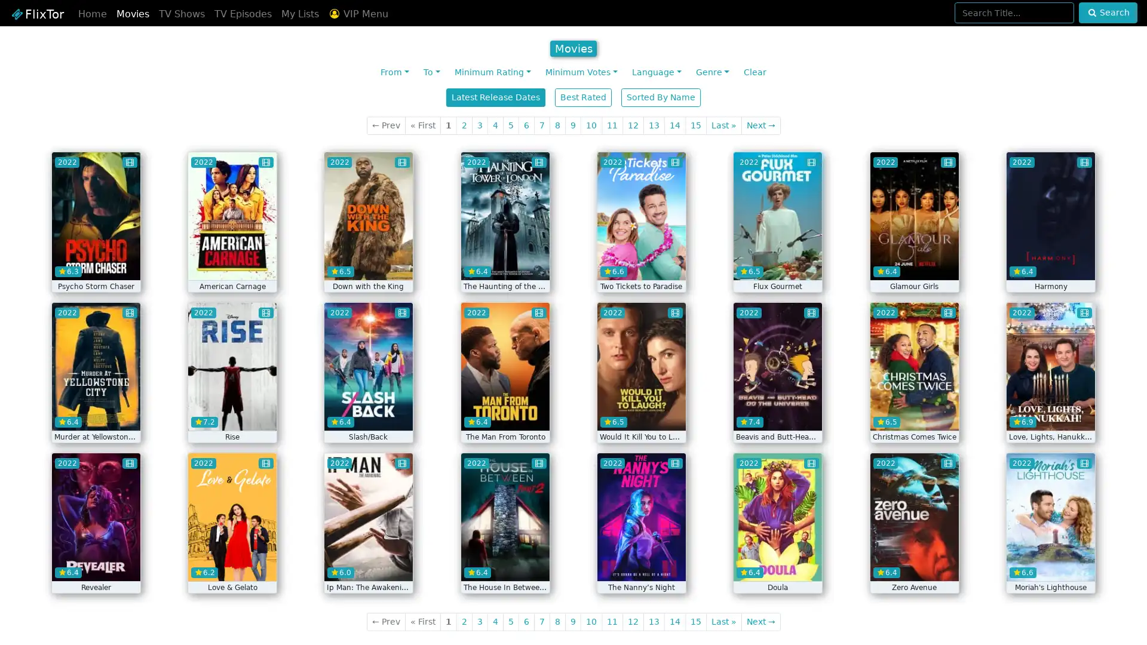 The image size is (1147, 645). I want to click on Watch Now, so click(1050, 564).